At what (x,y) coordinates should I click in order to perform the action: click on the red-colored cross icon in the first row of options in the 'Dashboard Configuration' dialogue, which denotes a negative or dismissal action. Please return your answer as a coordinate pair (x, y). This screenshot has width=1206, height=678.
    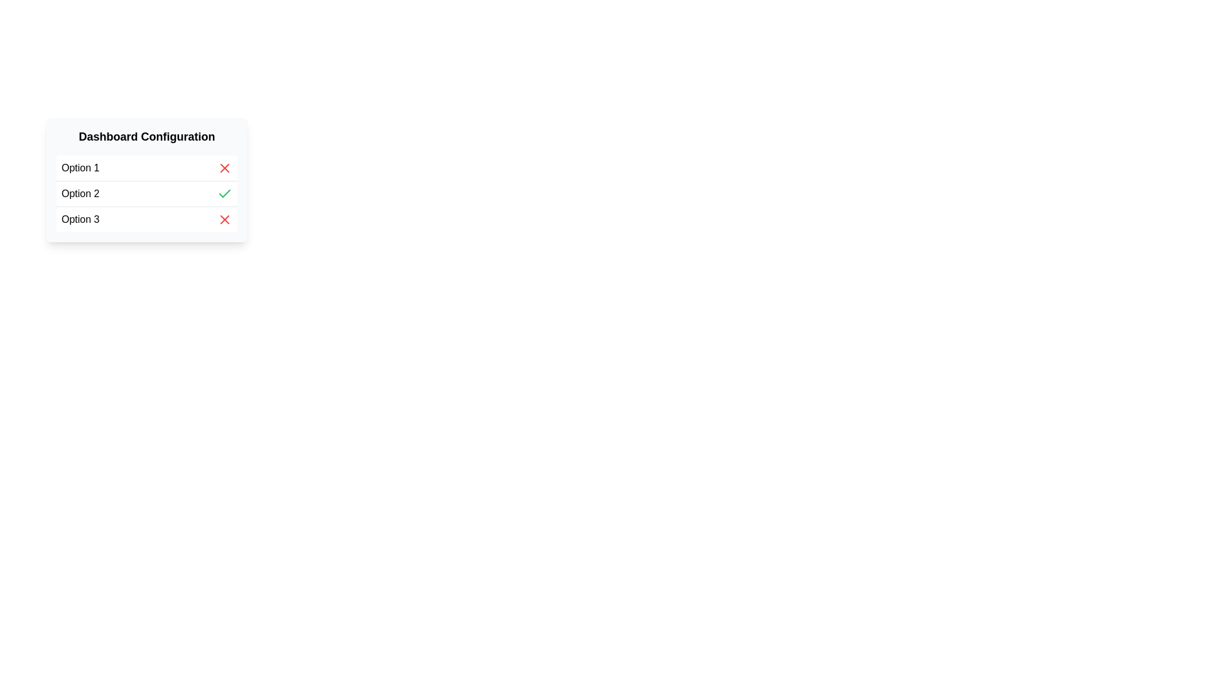
    Looking at the image, I should click on (225, 167).